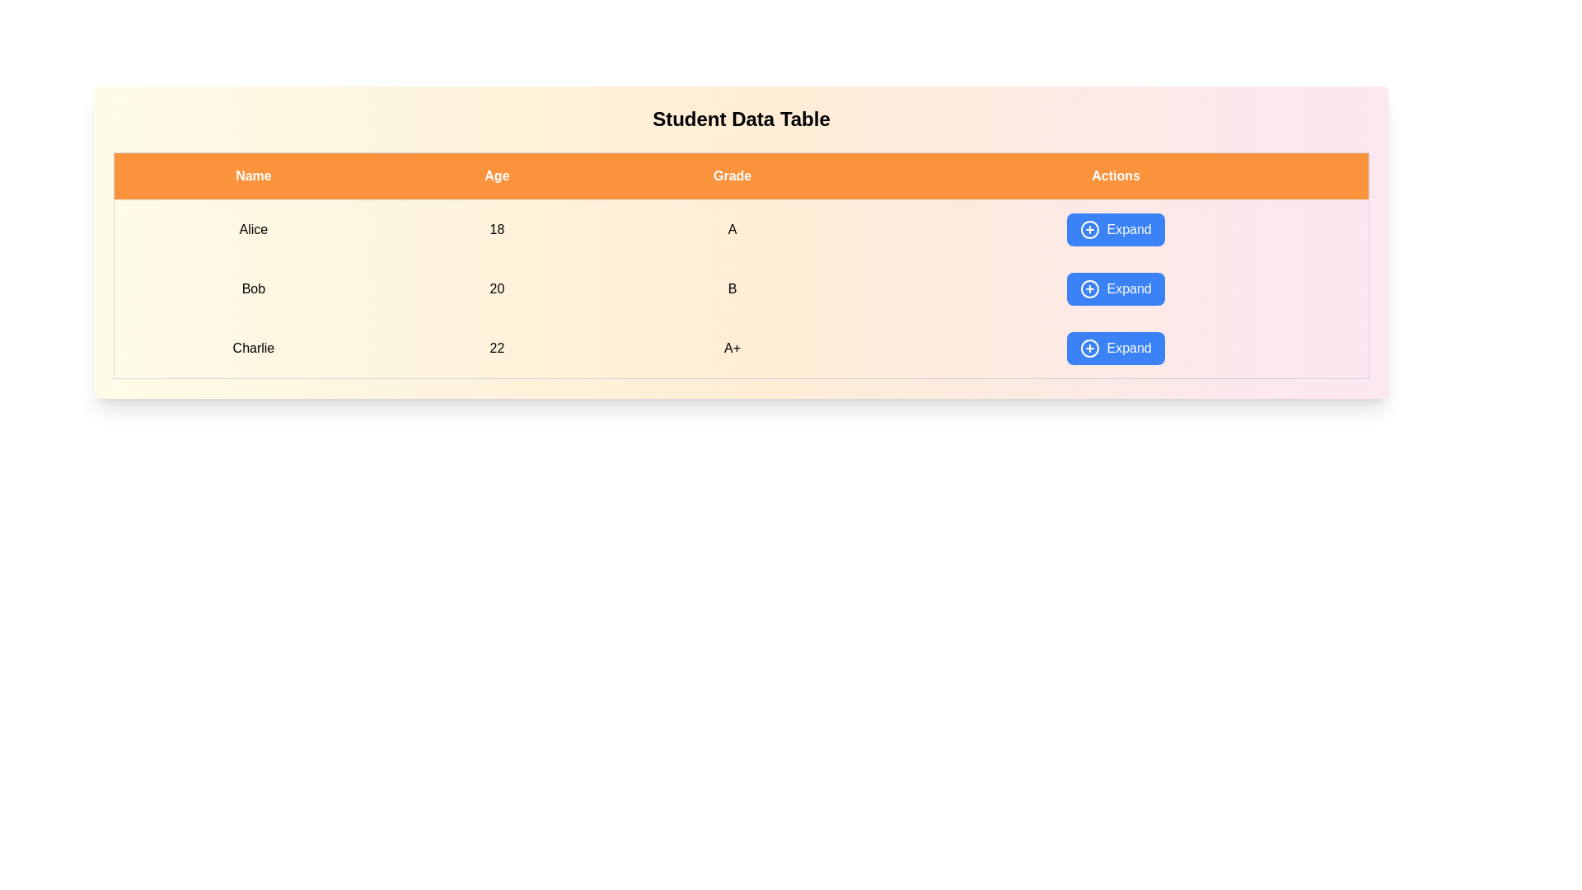 This screenshot has width=1582, height=890. Describe the element at coordinates (741, 176) in the screenshot. I see `the Table Header Row with a bright orange background and white text, which includes the column headings 'Name,' 'Age,' 'Grade,' and 'Actions.'` at that location.